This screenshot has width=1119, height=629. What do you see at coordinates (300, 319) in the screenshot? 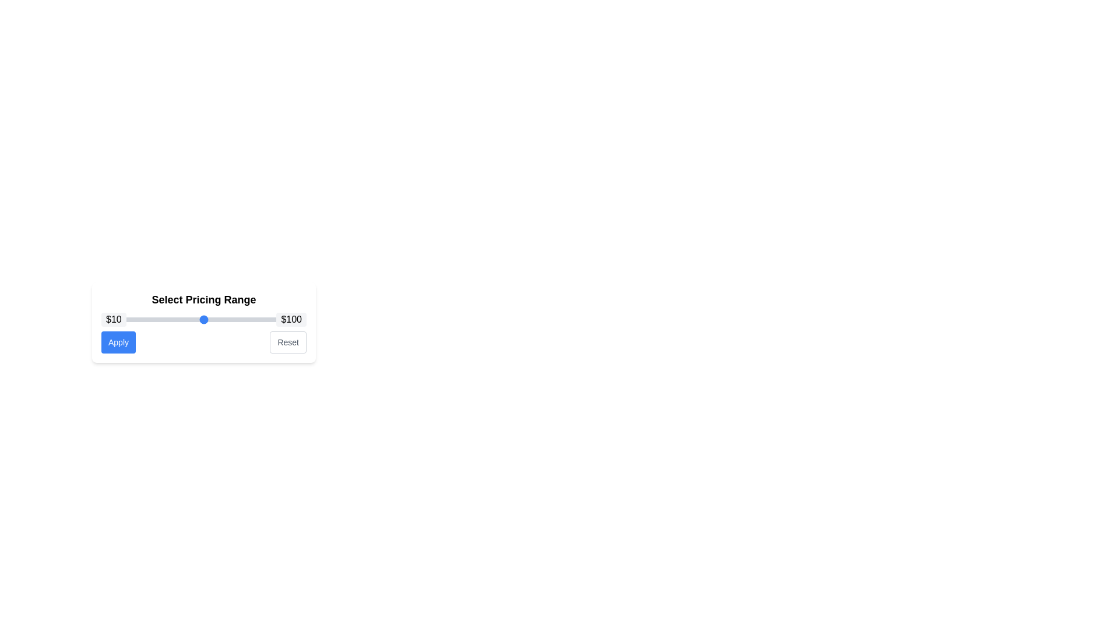
I see `price slider` at bounding box center [300, 319].